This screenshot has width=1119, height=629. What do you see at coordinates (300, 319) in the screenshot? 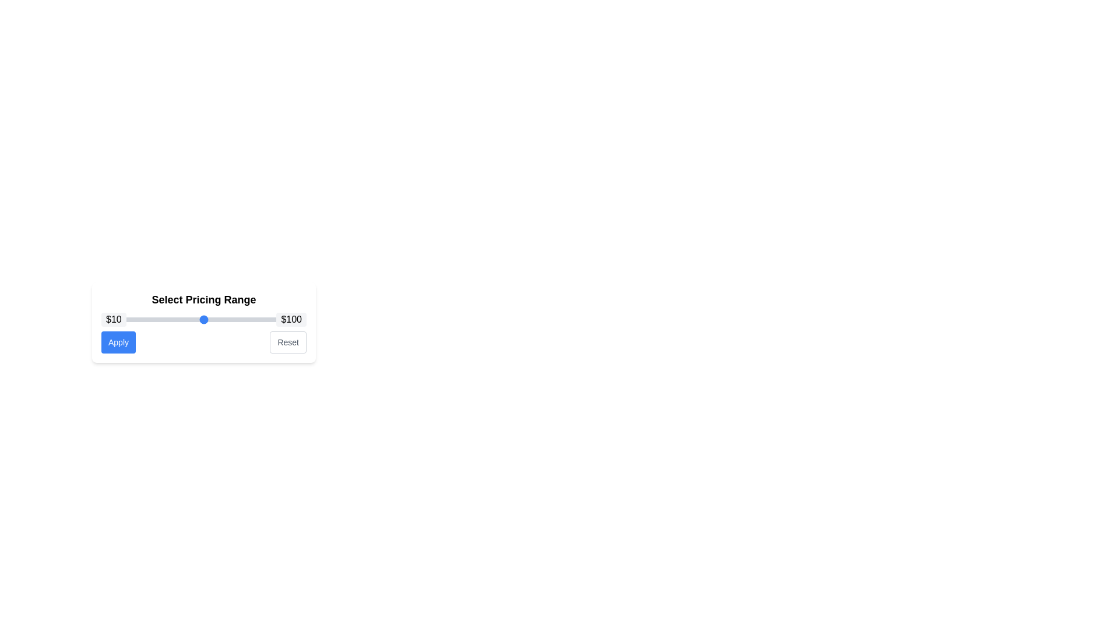
I see `price slider` at bounding box center [300, 319].